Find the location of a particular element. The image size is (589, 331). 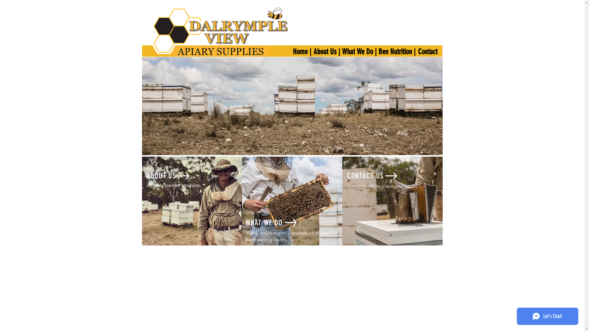

'CONTACT US' is located at coordinates (365, 176).